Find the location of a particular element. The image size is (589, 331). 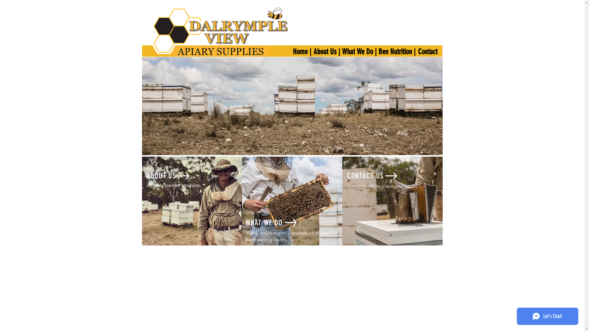

'CONTACT US' is located at coordinates (365, 176).